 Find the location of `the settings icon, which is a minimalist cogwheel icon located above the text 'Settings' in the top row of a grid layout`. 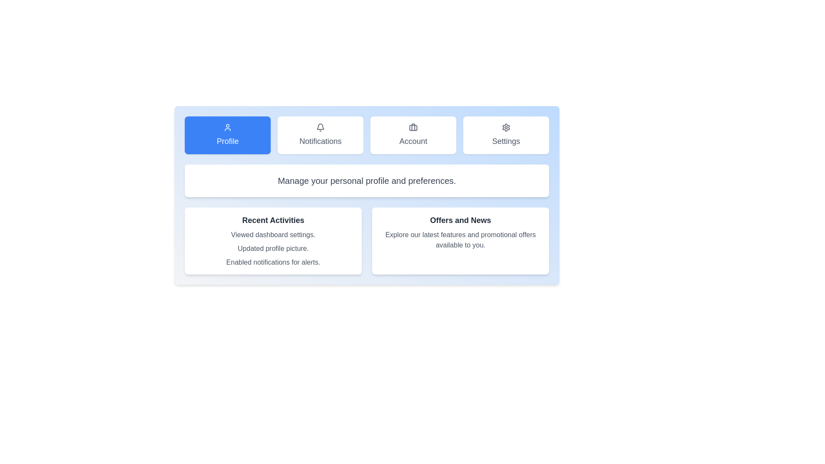

the settings icon, which is a minimalist cogwheel icon located above the text 'Settings' in the top row of a grid layout is located at coordinates (506, 128).